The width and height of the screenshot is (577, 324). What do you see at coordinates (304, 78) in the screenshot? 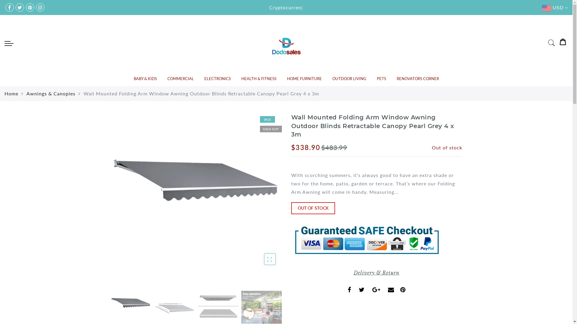
I see `'HOME FURNITURE'` at bounding box center [304, 78].